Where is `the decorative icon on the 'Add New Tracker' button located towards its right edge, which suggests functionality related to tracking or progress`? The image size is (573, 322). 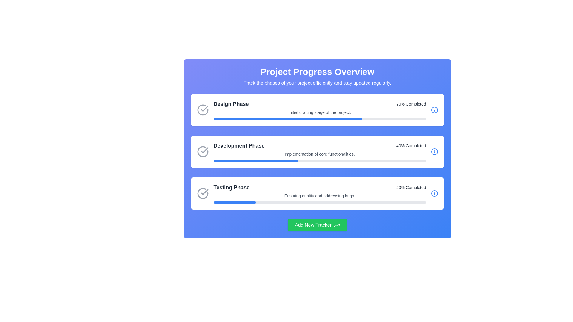
the decorative icon on the 'Add New Tracker' button located towards its right edge, which suggests functionality related to tracking or progress is located at coordinates (337, 225).